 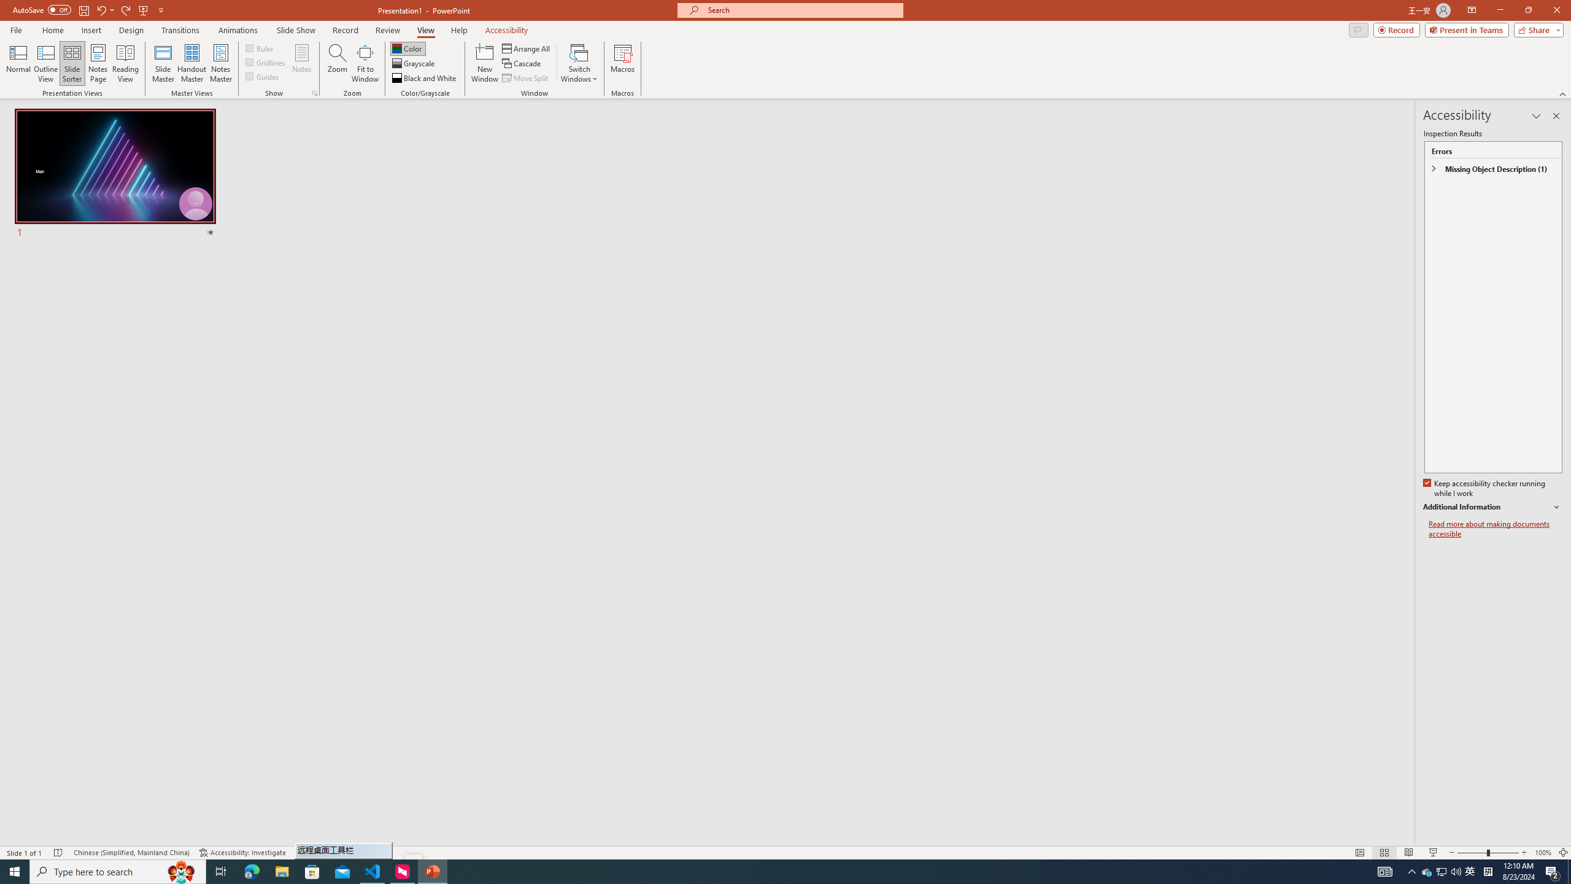 What do you see at coordinates (522, 63) in the screenshot?
I see `'Cascade'` at bounding box center [522, 63].